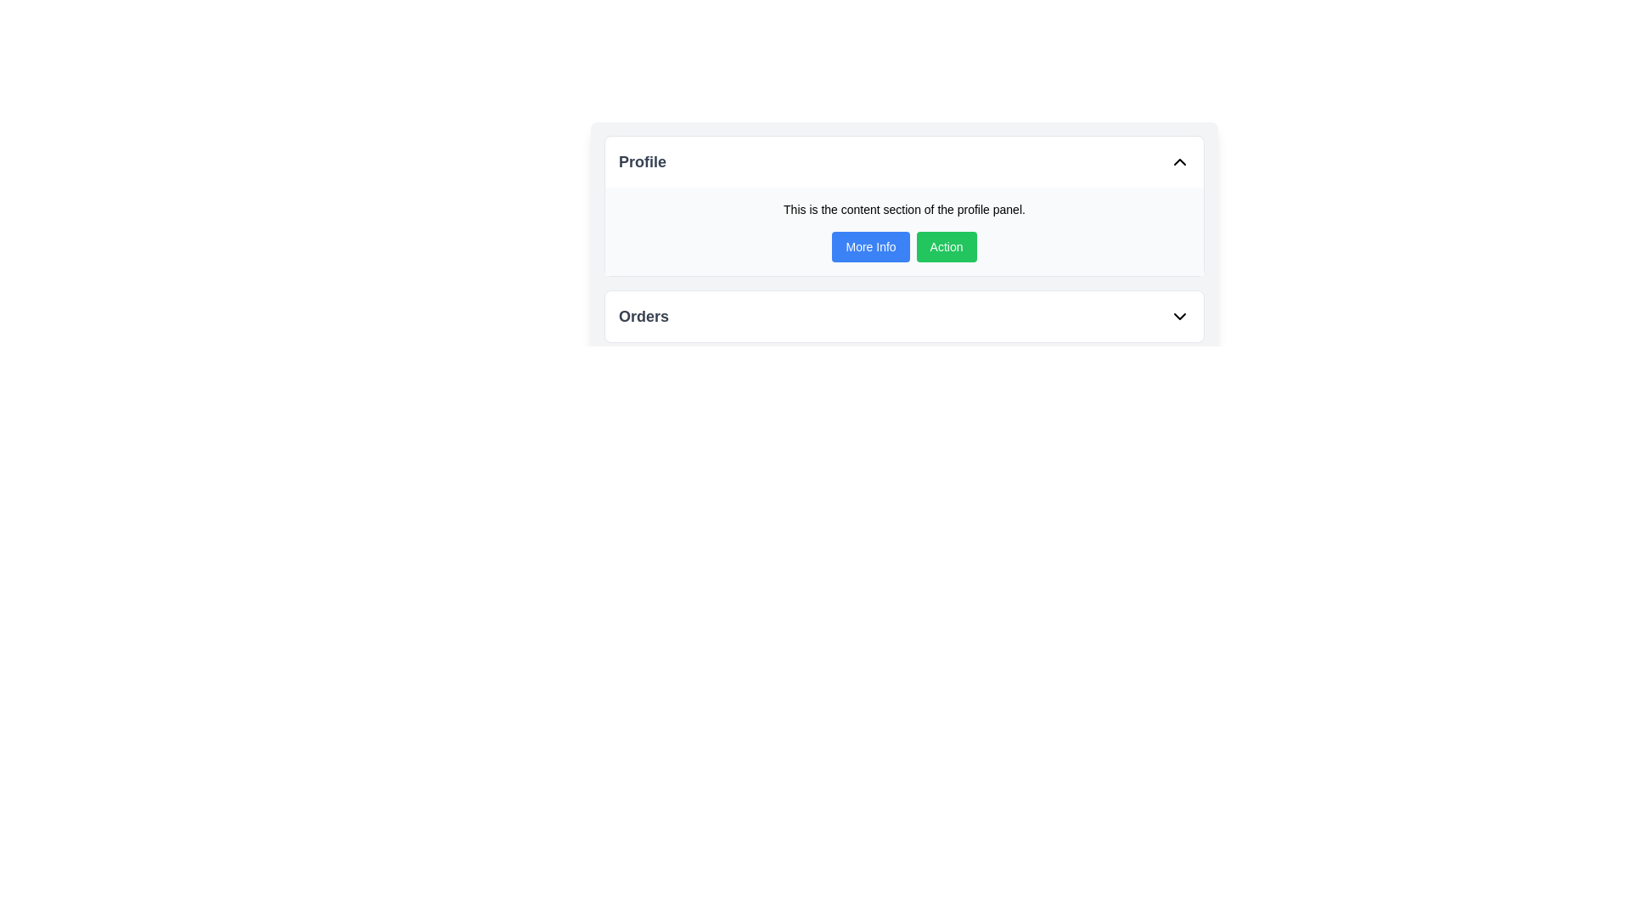  What do you see at coordinates (903, 208) in the screenshot?
I see `the text block that displays 'This is the content section of the profile panel.' located in the Profile section, positioned above the 'More Info' and 'Action' buttons` at bounding box center [903, 208].